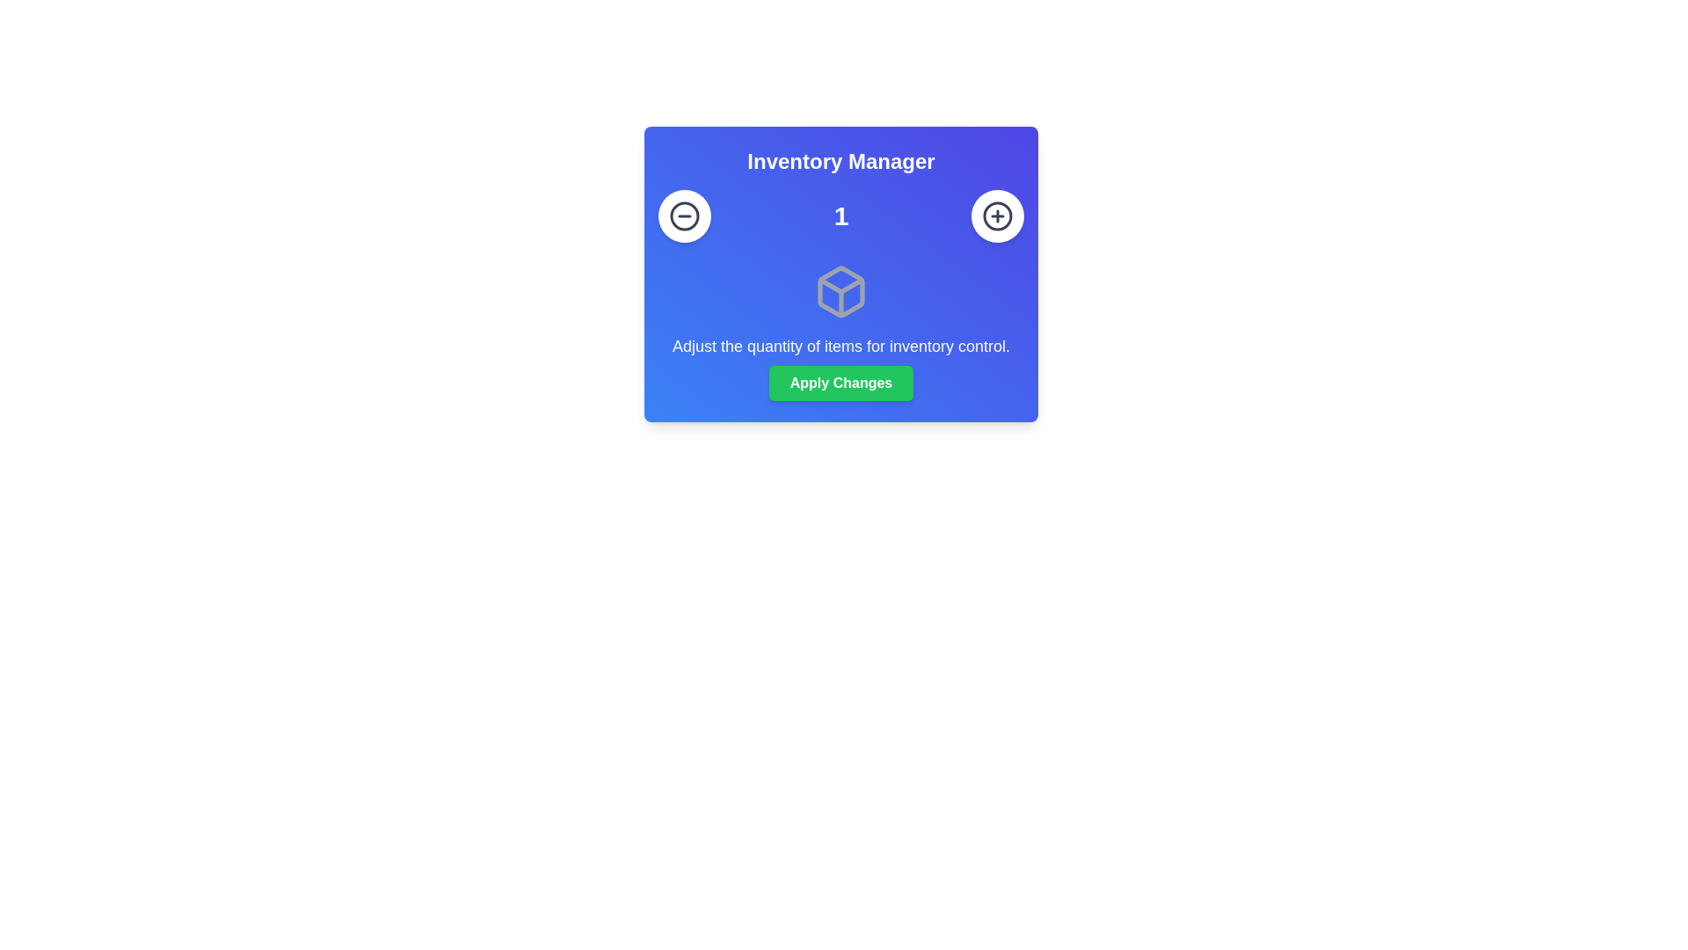  I want to click on the 'Inventory Manager' text header, which is prominently displayed in bold, large white font at the top of a blue gradient background card, so click(840, 162).